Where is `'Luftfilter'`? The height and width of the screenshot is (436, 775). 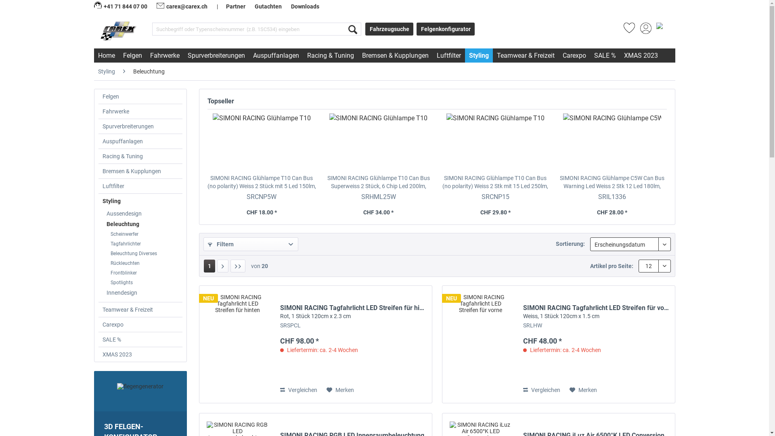
'Luftfilter' is located at coordinates (140, 186).